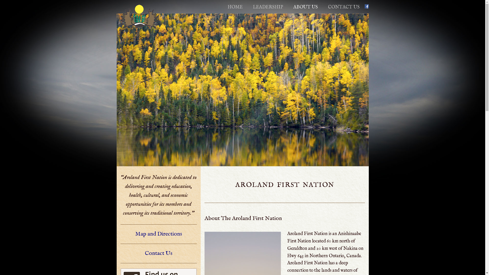 This screenshot has width=489, height=275. What do you see at coordinates (267, 7) in the screenshot?
I see `'LEADERSHIP'` at bounding box center [267, 7].